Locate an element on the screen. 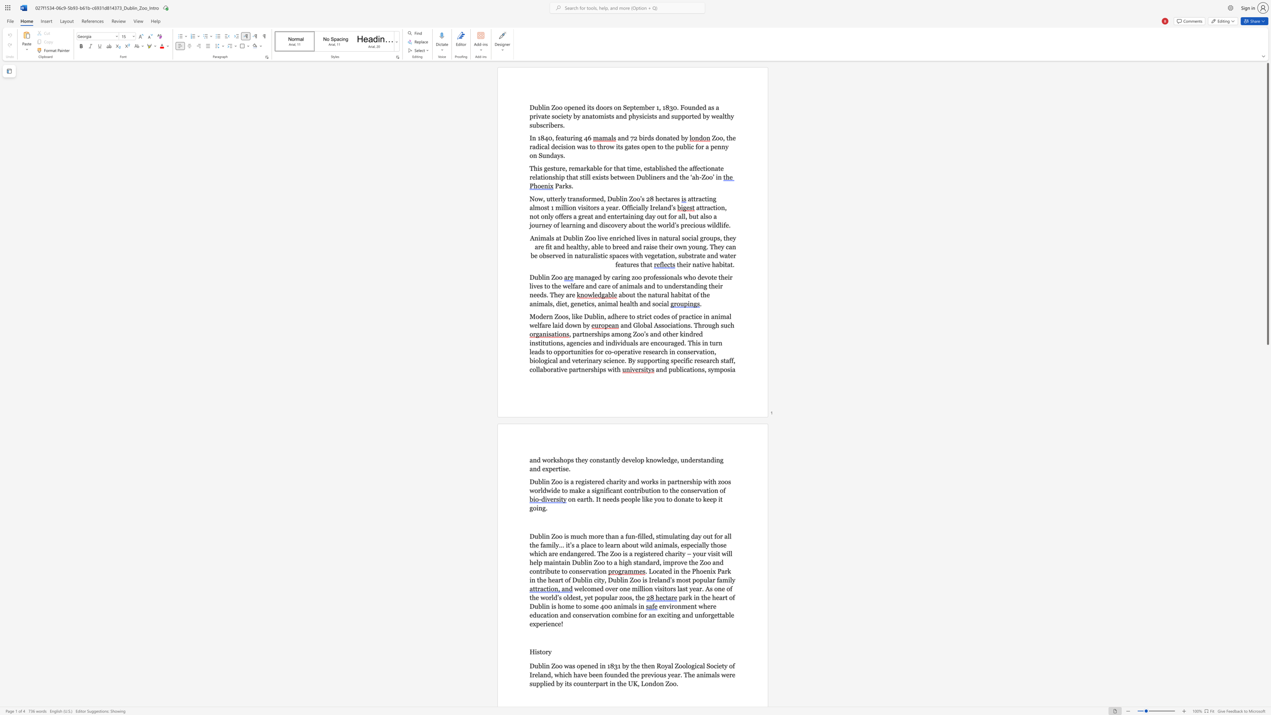 This screenshot has height=715, width=1271. the 4th character "a" in the text is located at coordinates (696, 536).